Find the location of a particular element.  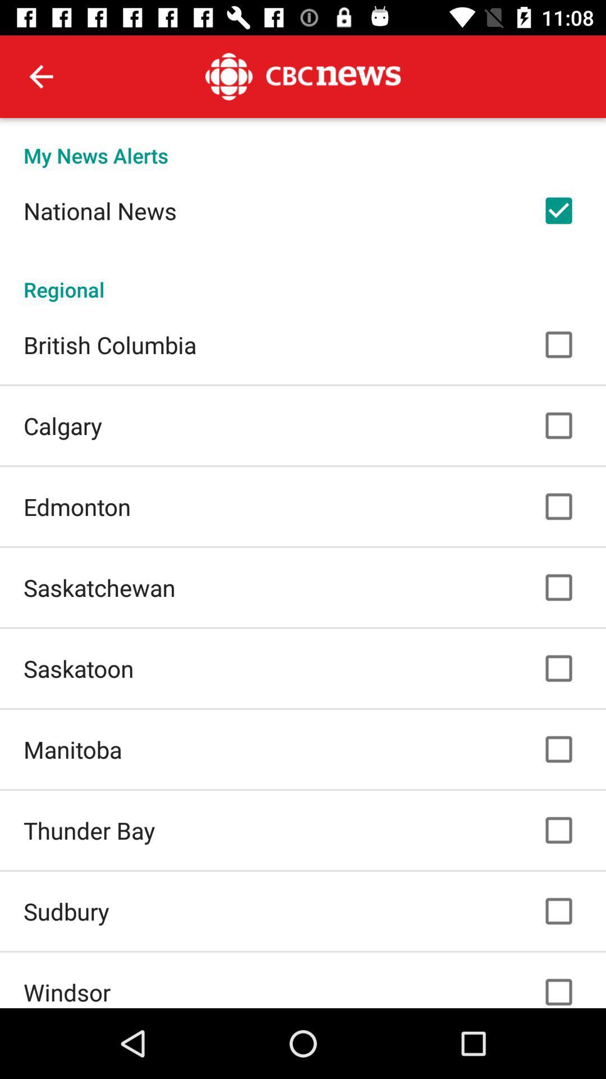

the icon above the my news alerts icon is located at coordinates (40, 76).